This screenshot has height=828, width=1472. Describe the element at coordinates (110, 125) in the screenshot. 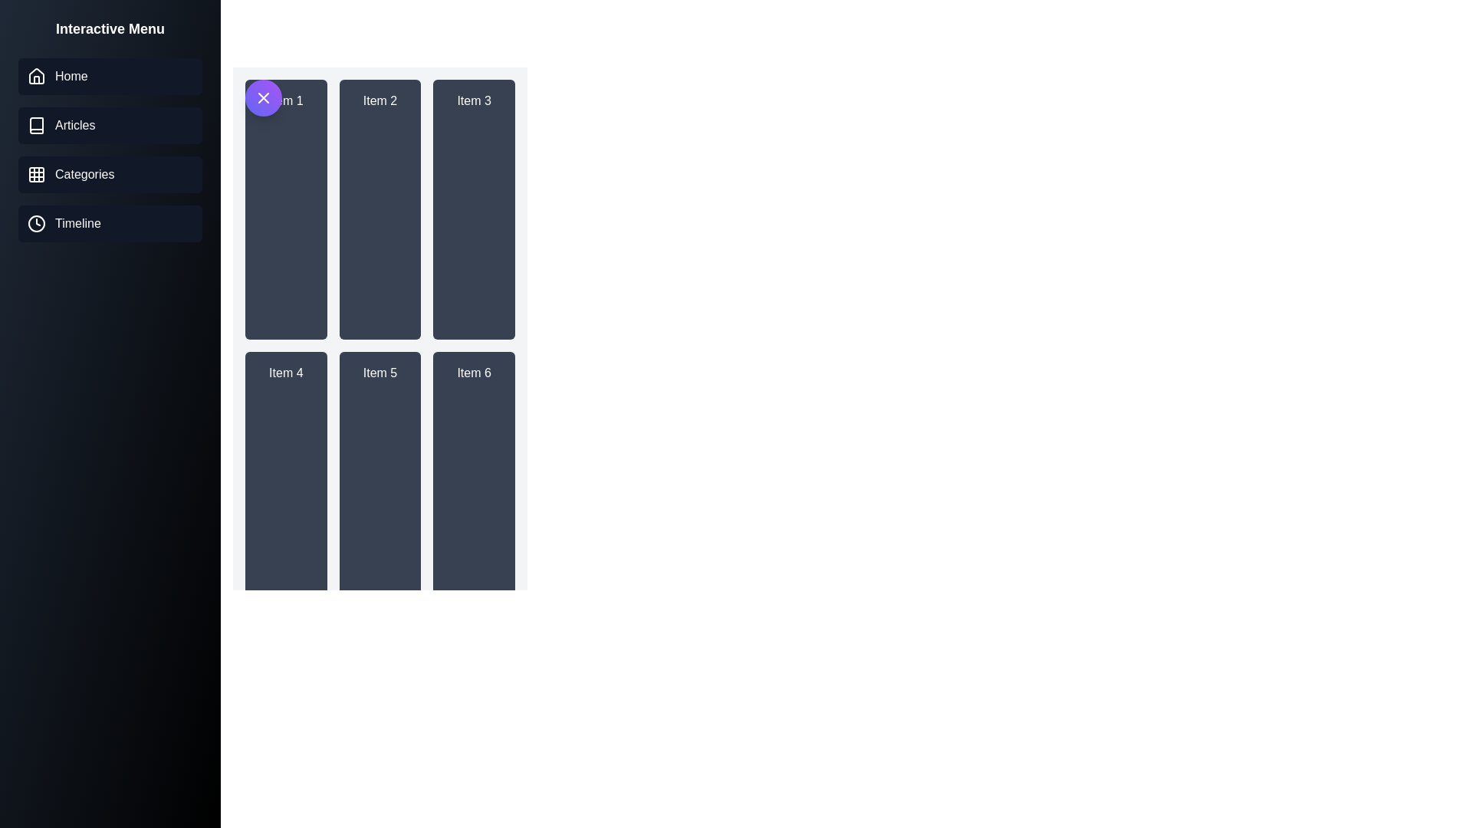

I see `the Articles menu item in the menu` at that location.